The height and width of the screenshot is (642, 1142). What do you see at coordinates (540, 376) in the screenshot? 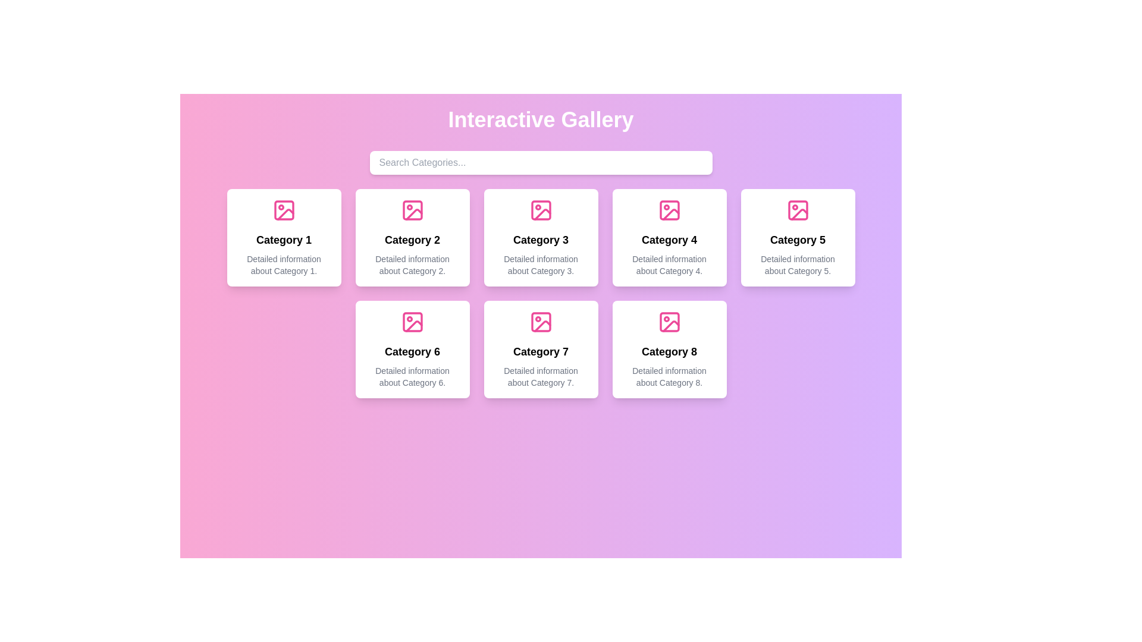
I see `static text block that displays 'Detailed information about Category 7.' located at the bottom of the 'Category 7' card` at bounding box center [540, 376].